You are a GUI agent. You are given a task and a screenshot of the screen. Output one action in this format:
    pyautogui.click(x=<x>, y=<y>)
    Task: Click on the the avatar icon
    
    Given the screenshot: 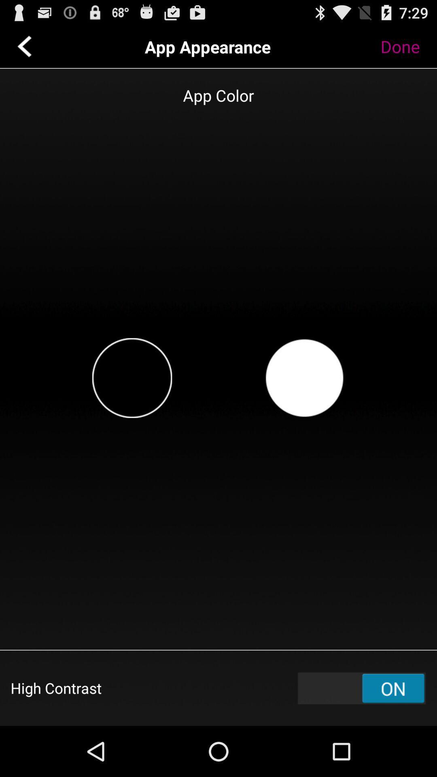 What is the action you would take?
    pyautogui.click(x=304, y=404)
    